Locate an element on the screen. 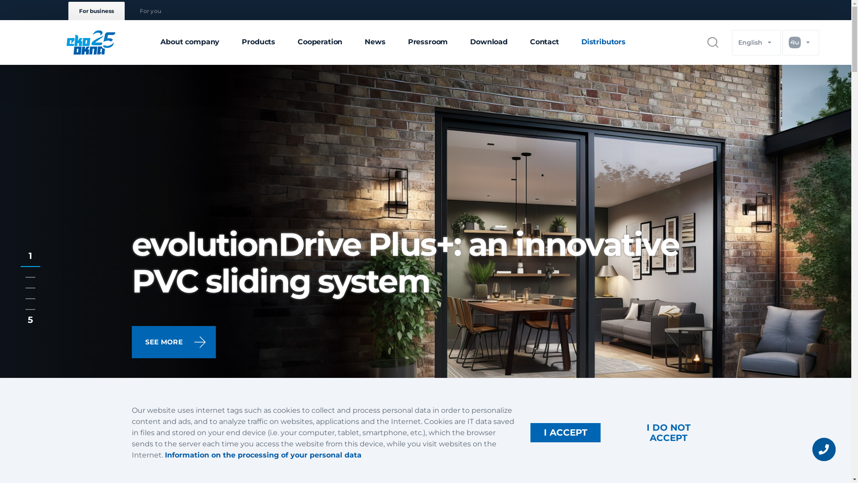 The width and height of the screenshot is (858, 483). 'For business' is located at coordinates (67, 11).